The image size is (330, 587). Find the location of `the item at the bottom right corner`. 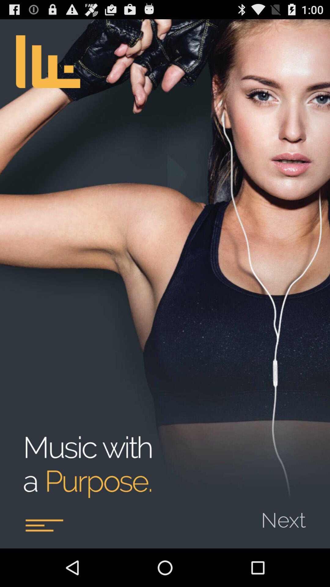

the item at the bottom right corner is located at coordinates (287, 516).